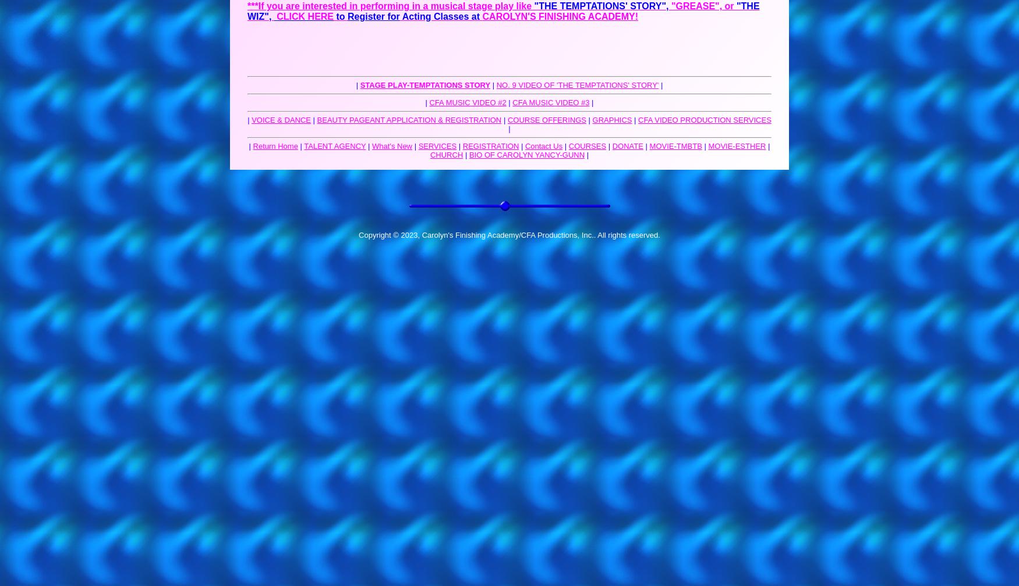 The height and width of the screenshot is (586, 1019). Describe the element at coordinates (341, 16) in the screenshot. I see `'to'` at that location.